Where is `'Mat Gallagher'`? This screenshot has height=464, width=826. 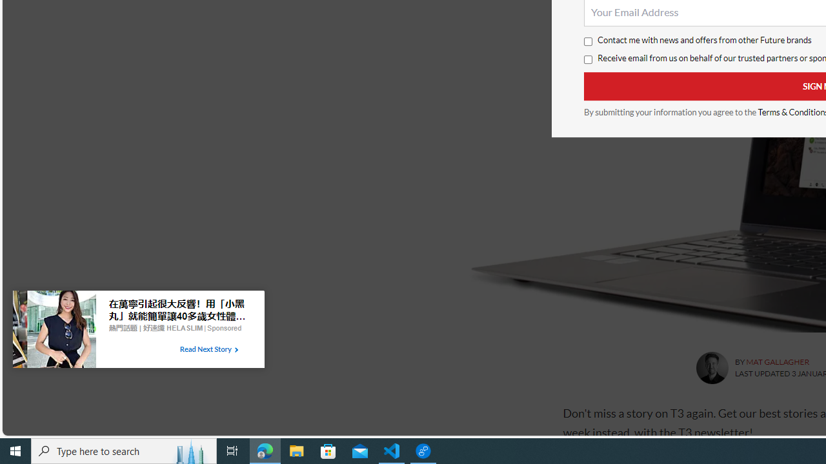 'Mat Gallagher' is located at coordinates (711, 368).